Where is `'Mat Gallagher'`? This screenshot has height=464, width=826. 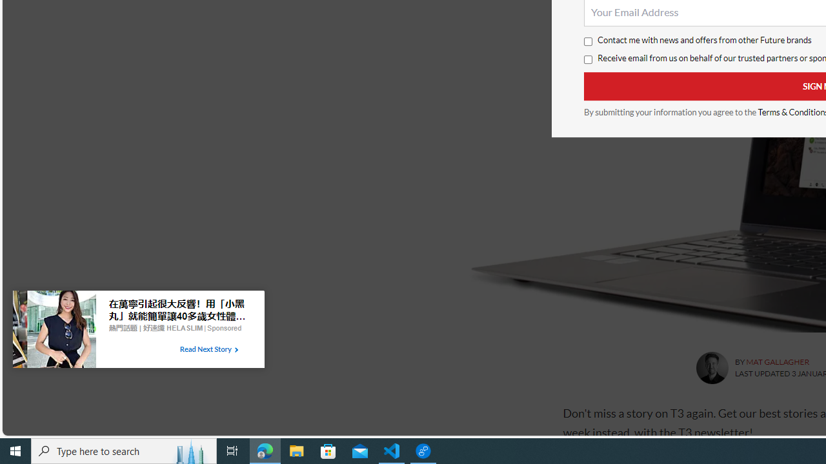 'Mat Gallagher' is located at coordinates (711, 368).